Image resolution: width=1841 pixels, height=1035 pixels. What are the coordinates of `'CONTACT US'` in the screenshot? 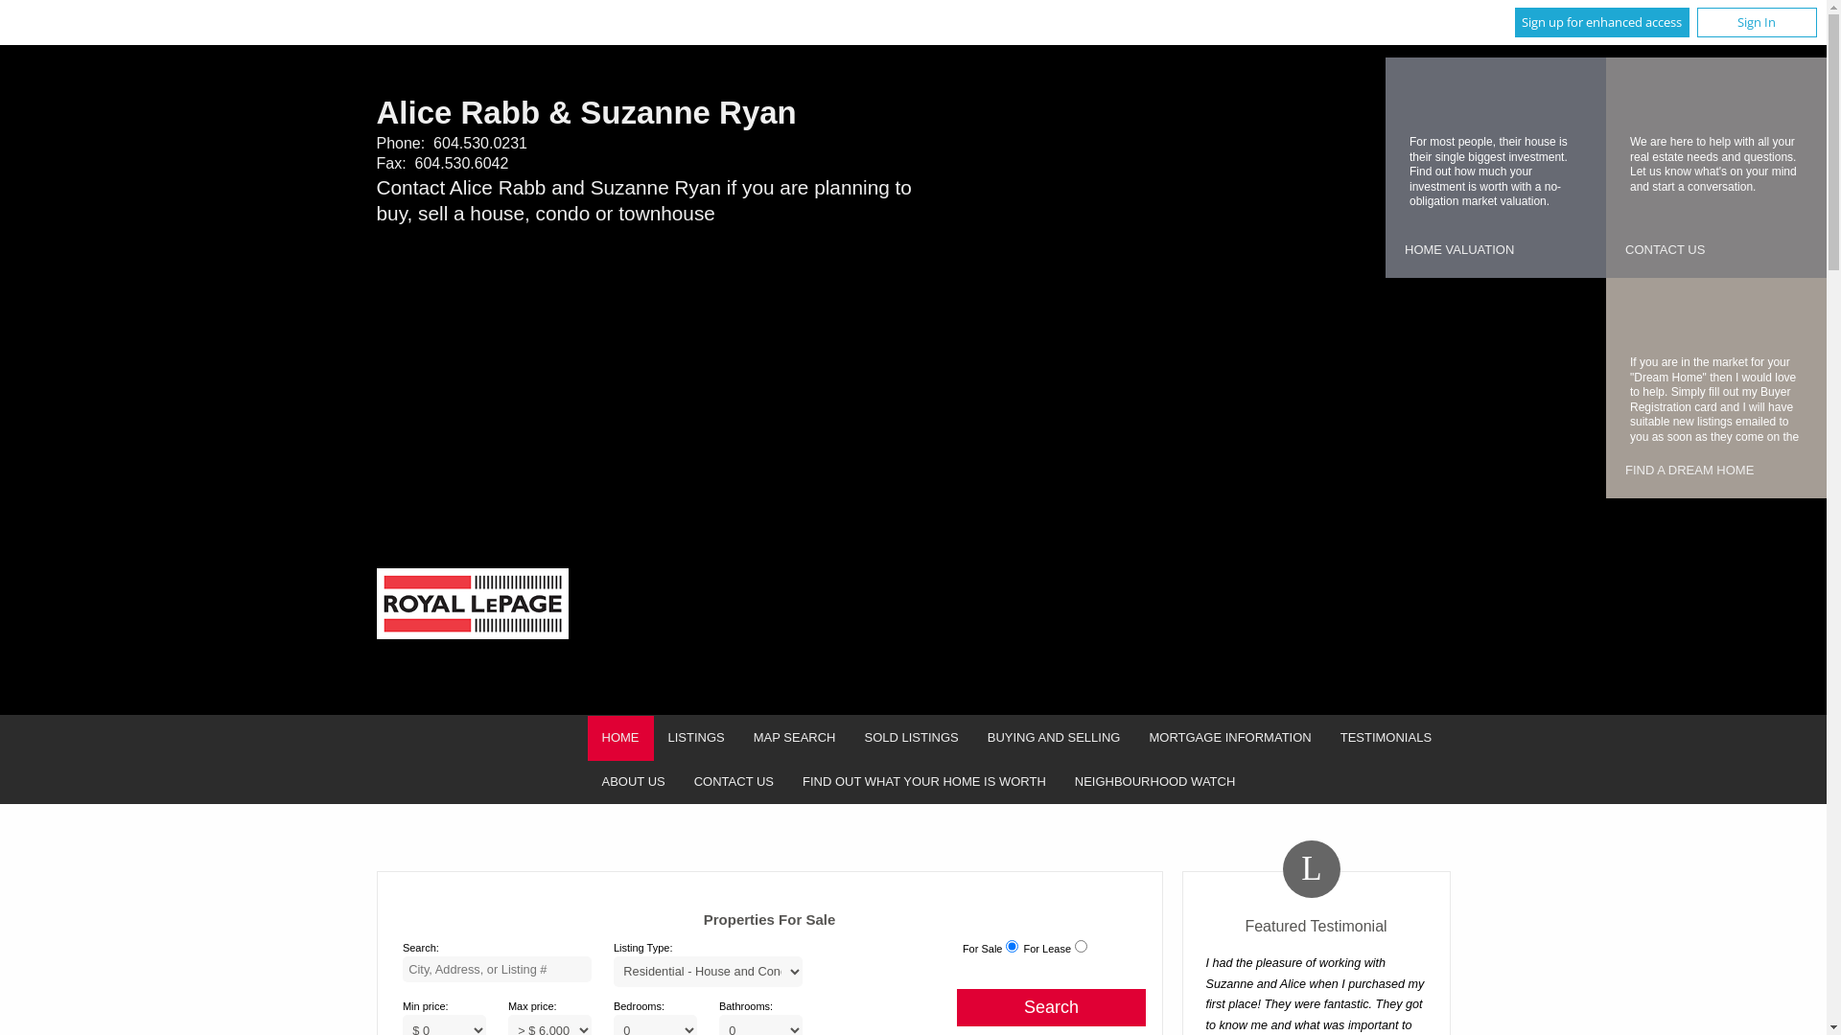 It's located at (680, 782).